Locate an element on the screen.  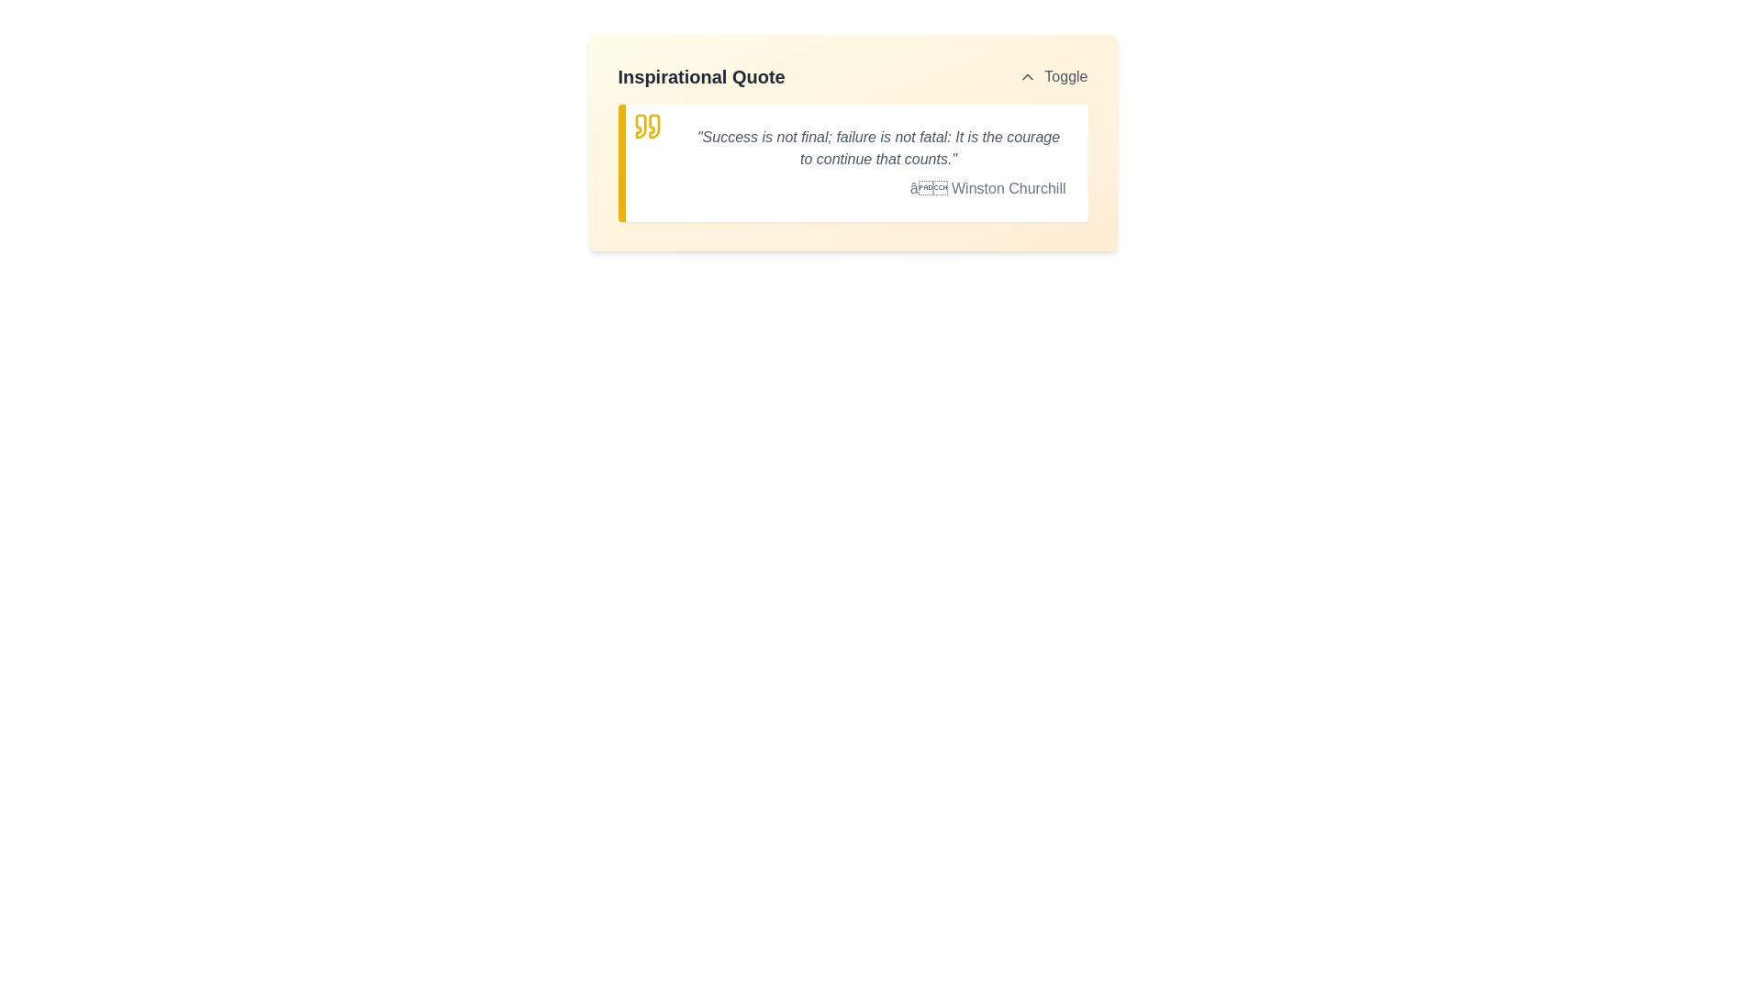
the button featuring an upward-pointing chevron icon and the text 'Toggle', located in the top-right corner of the header section adjacent to the main title 'Inspirational Quote' is located at coordinates (1053, 76).